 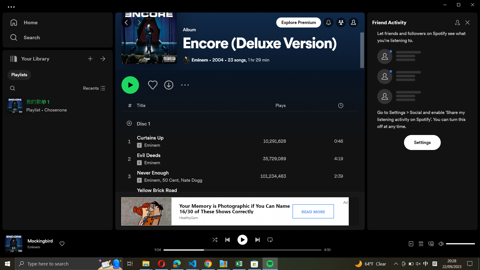 I want to click on Sort the playlist by number of plays, so click(x=299, y=106).